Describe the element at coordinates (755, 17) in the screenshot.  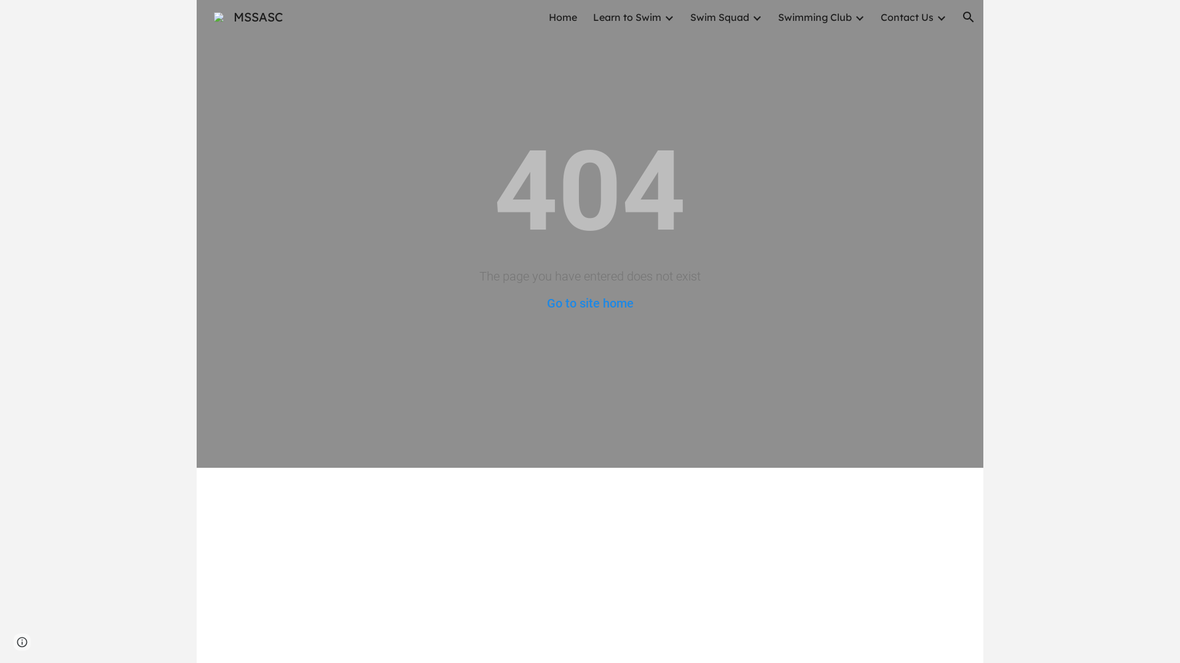
I see `'Expand/Collapse'` at that location.